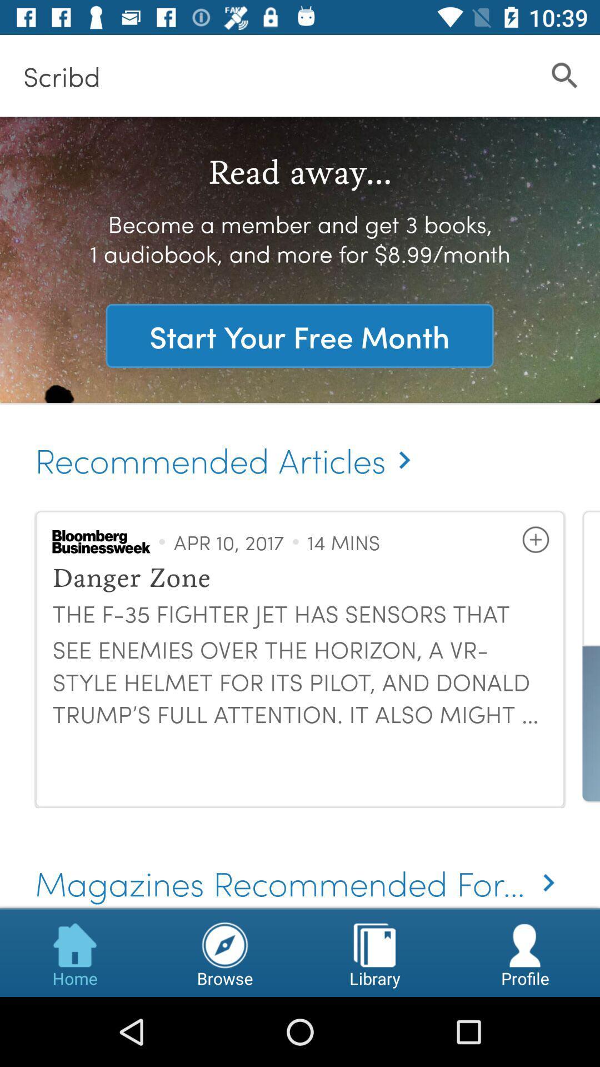 The height and width of the screenshot is (1067, 600). What do you see at coordinates (299, 335) in the screenshot?
I see `the icon above the recommended articles` at bounding box center [299, 335].